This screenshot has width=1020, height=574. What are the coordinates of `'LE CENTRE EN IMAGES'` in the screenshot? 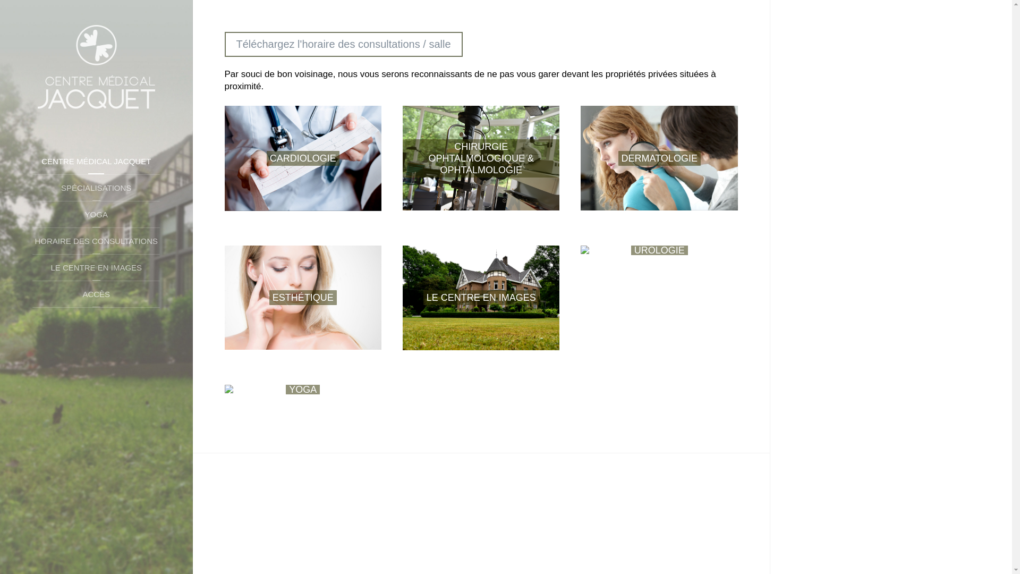 It's located at (480, 298).